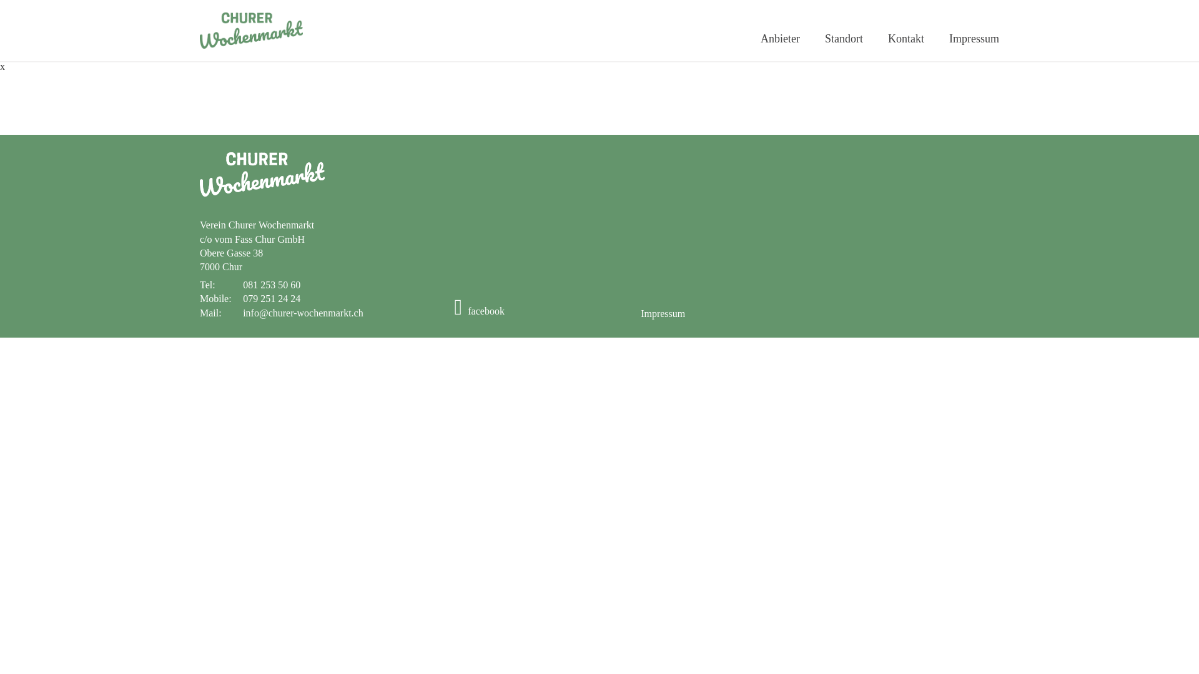  What do you see at coordinates (662, 313) in the screenshot?
I see `'Impressum'` at bounding box center [662, 313].